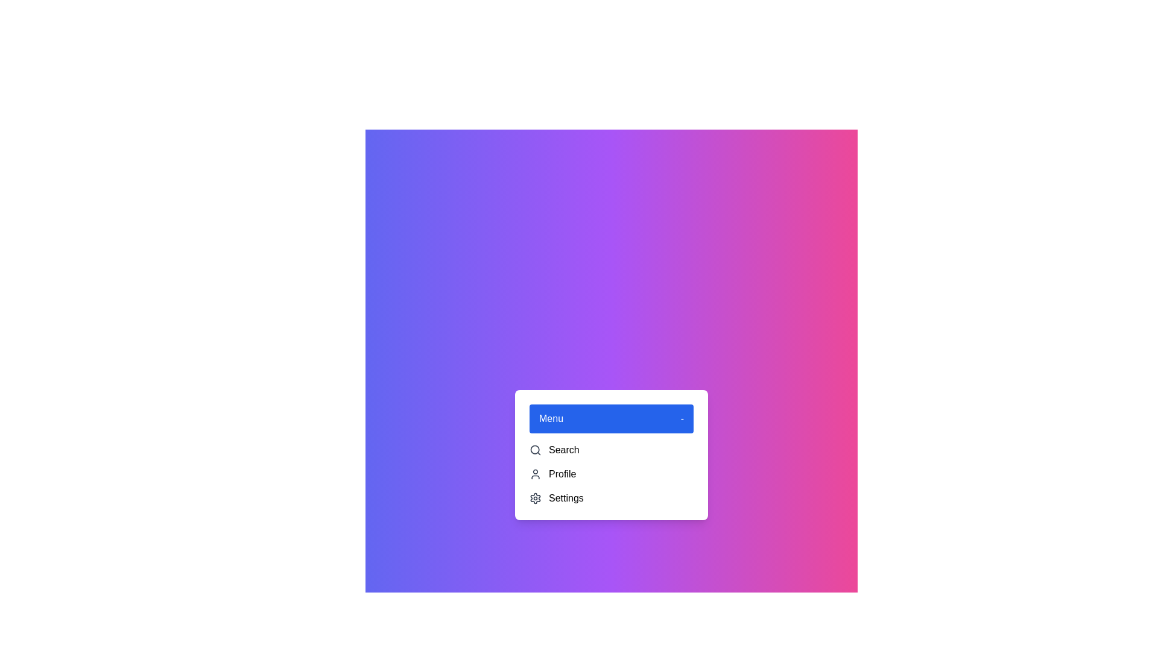  Describe the element at coordinates (611, 498) in the screenshot. I see `the 'Settings' option in the dropdown menu` at that location.